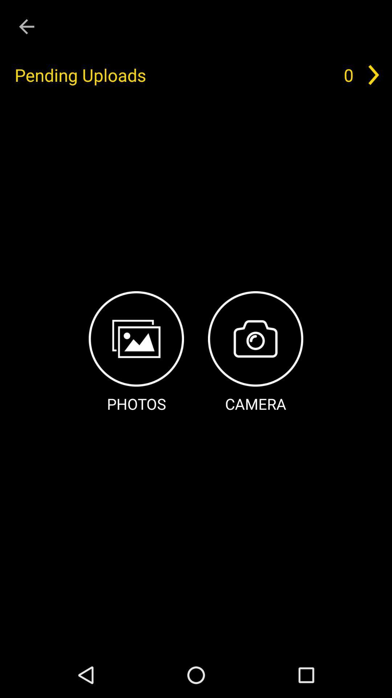 The width and height of the screenshot is (392, 698). What do you see at coordinates (136, 353) in the screenshot?
I see `the item to the left of camera item` at bounding box center [136, 353].